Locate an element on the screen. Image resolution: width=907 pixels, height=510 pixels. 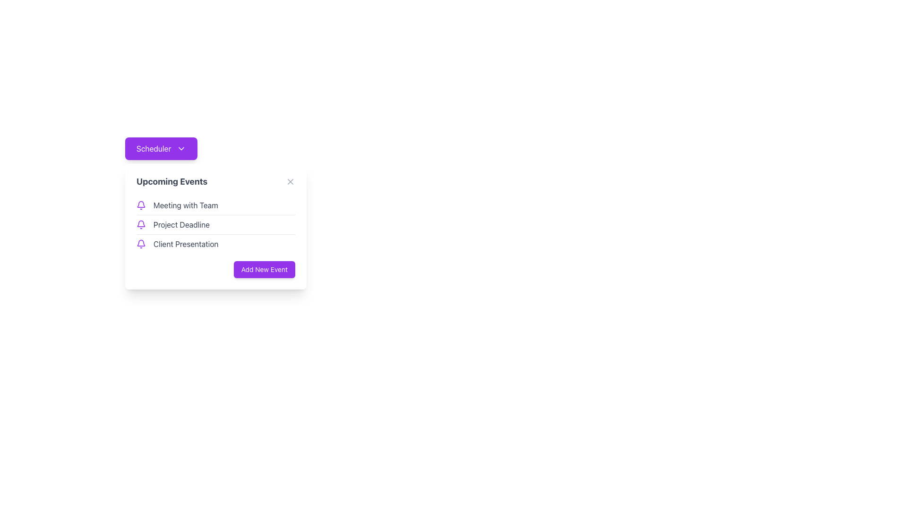
the purple 'Scheduler' button with white text and a downward-pointing arrow icon is located at coordinates (161, 149).